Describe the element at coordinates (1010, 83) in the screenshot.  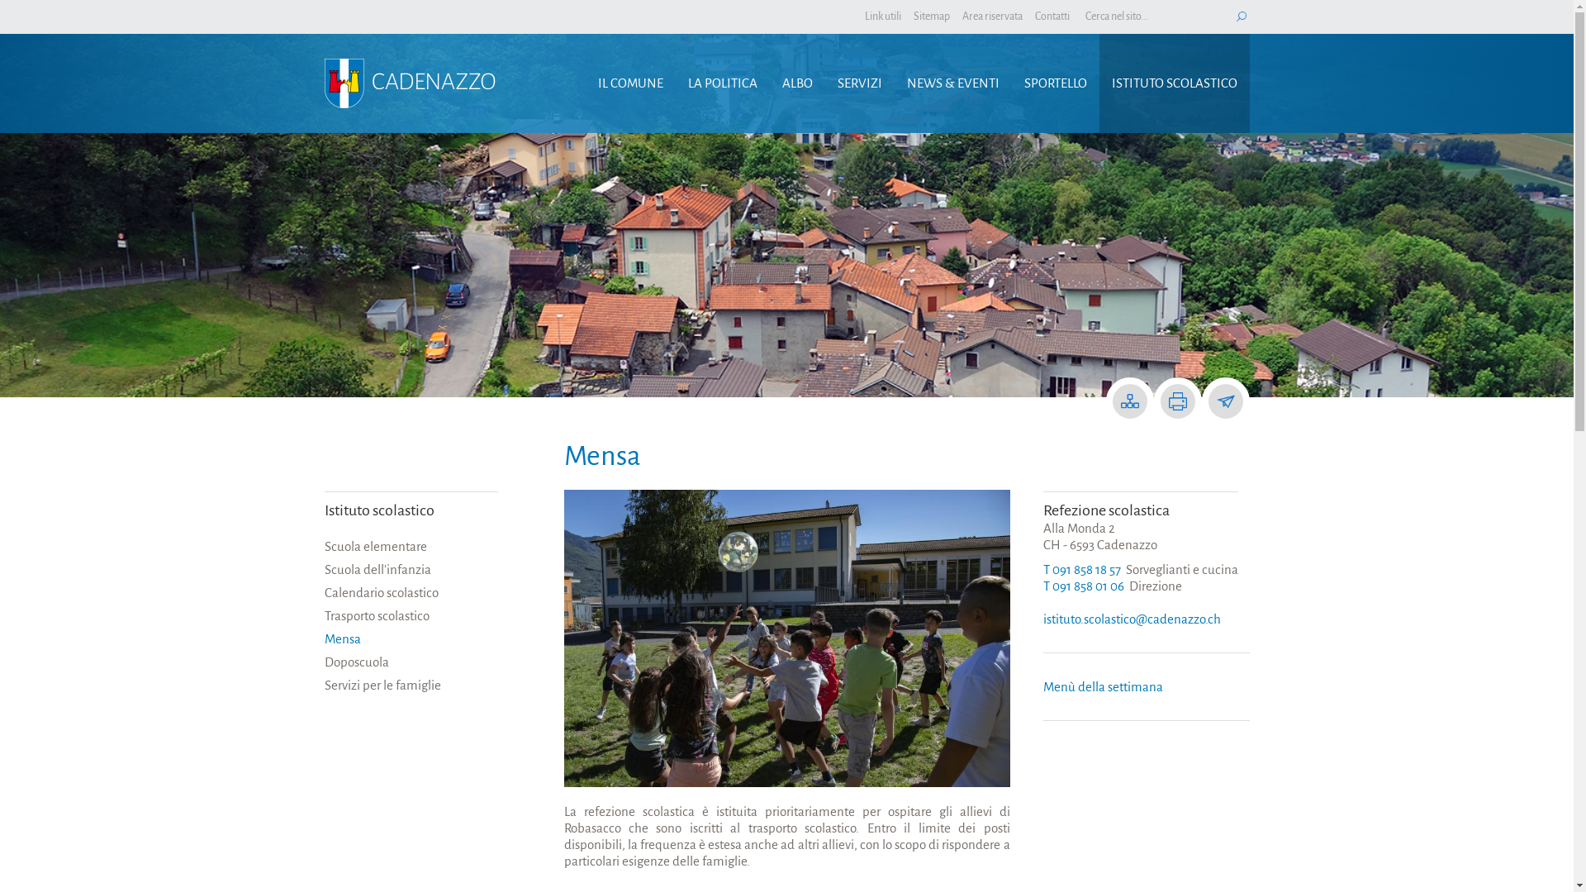
I see `'SPORTELLO'` at that location.